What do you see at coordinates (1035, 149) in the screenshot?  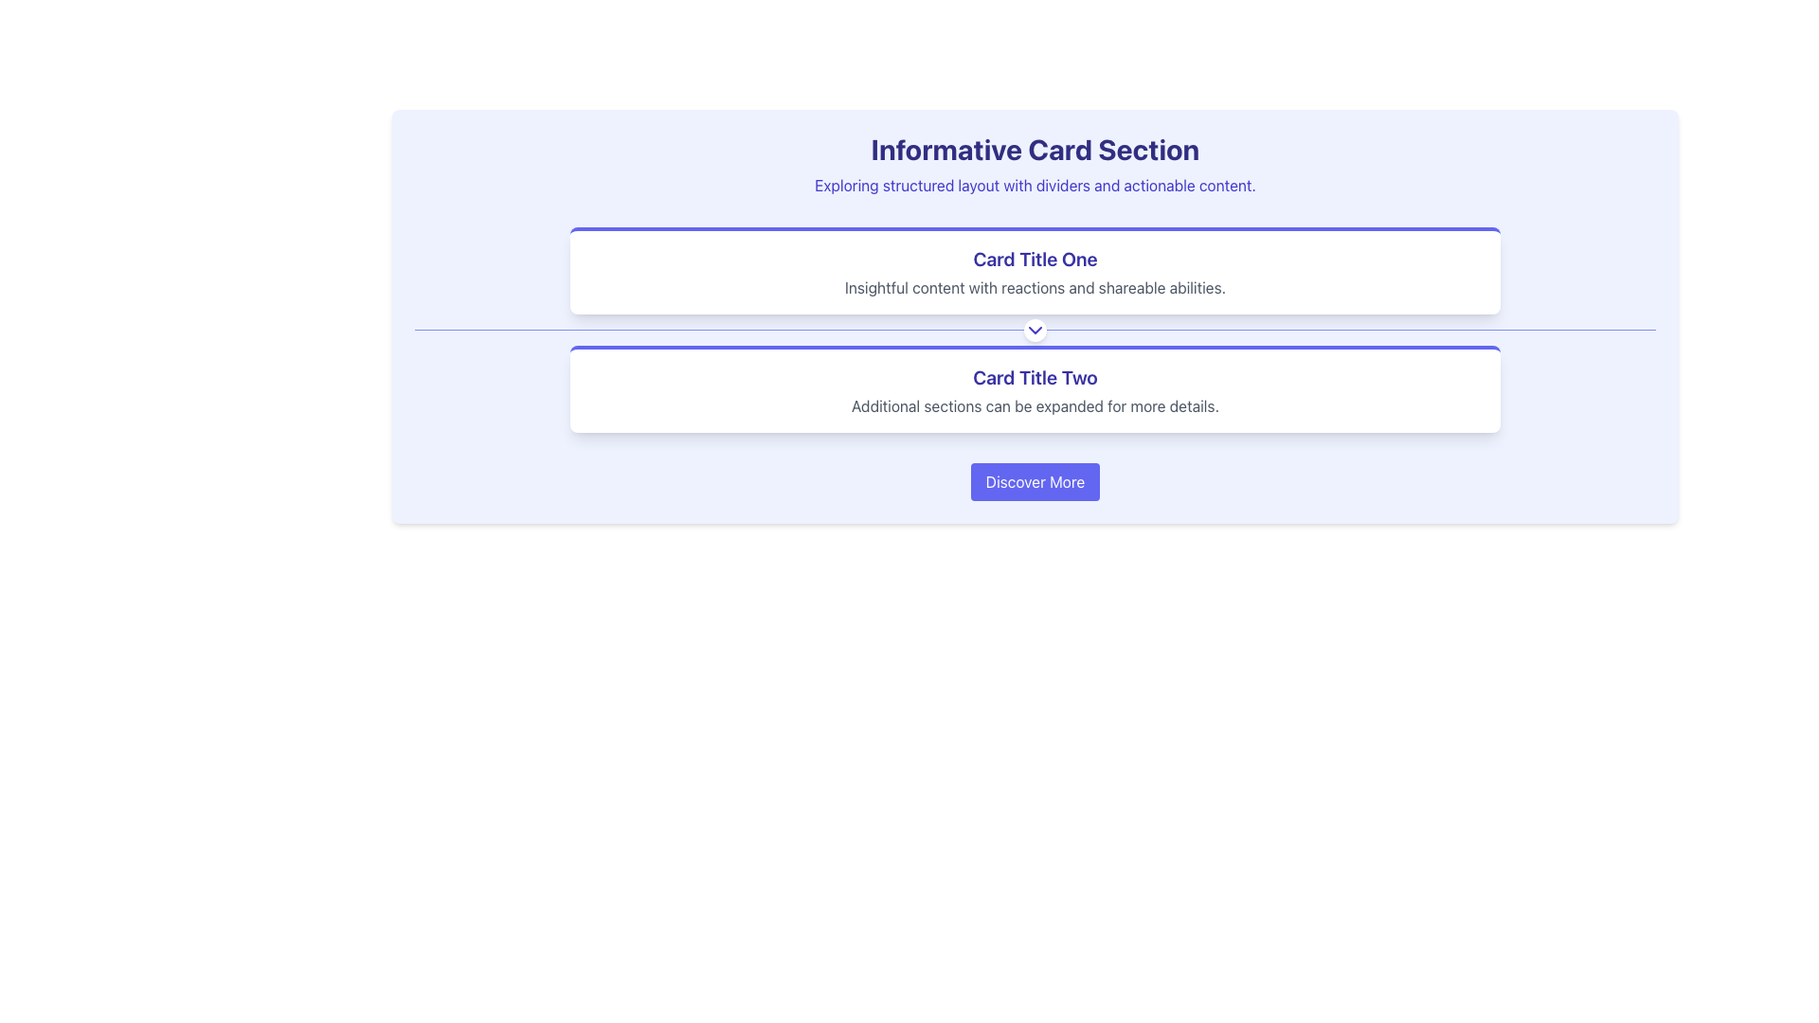 I see `the header text element at the top-center of the interface, which serves as an introductory focus point for the section` at bounding box center [1035, 149].